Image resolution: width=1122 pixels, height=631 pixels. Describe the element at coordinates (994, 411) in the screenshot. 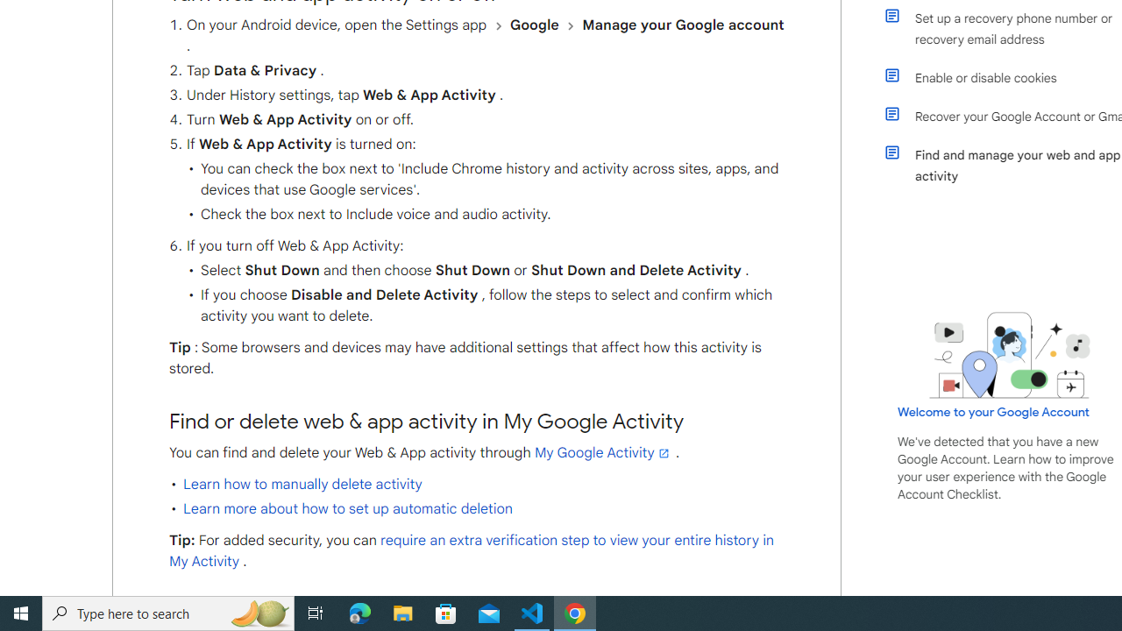

I see `'Welcome to your Google Account'` at that location.